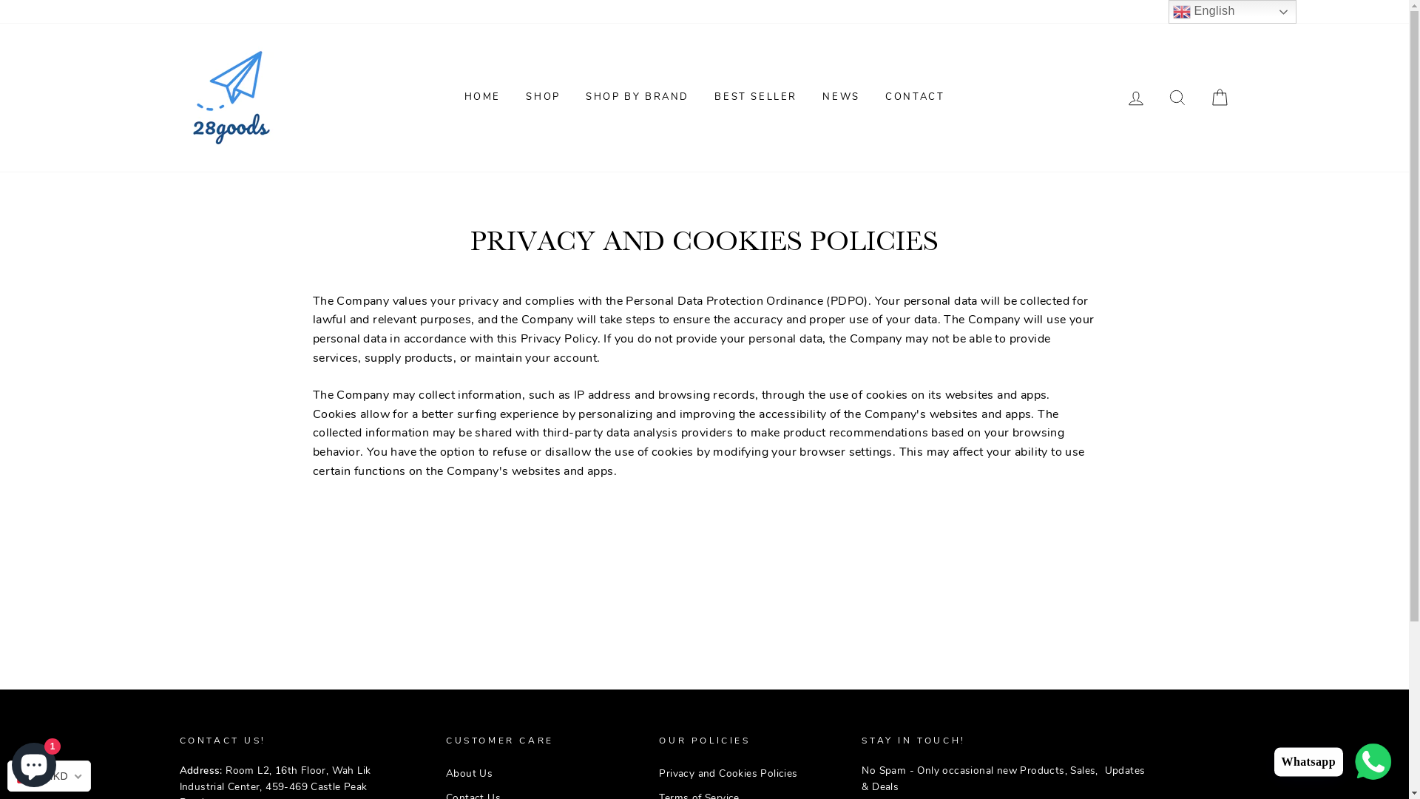 This screenshot has width=1420, height=799. I want to click on 'About Us', so click(445, 772).